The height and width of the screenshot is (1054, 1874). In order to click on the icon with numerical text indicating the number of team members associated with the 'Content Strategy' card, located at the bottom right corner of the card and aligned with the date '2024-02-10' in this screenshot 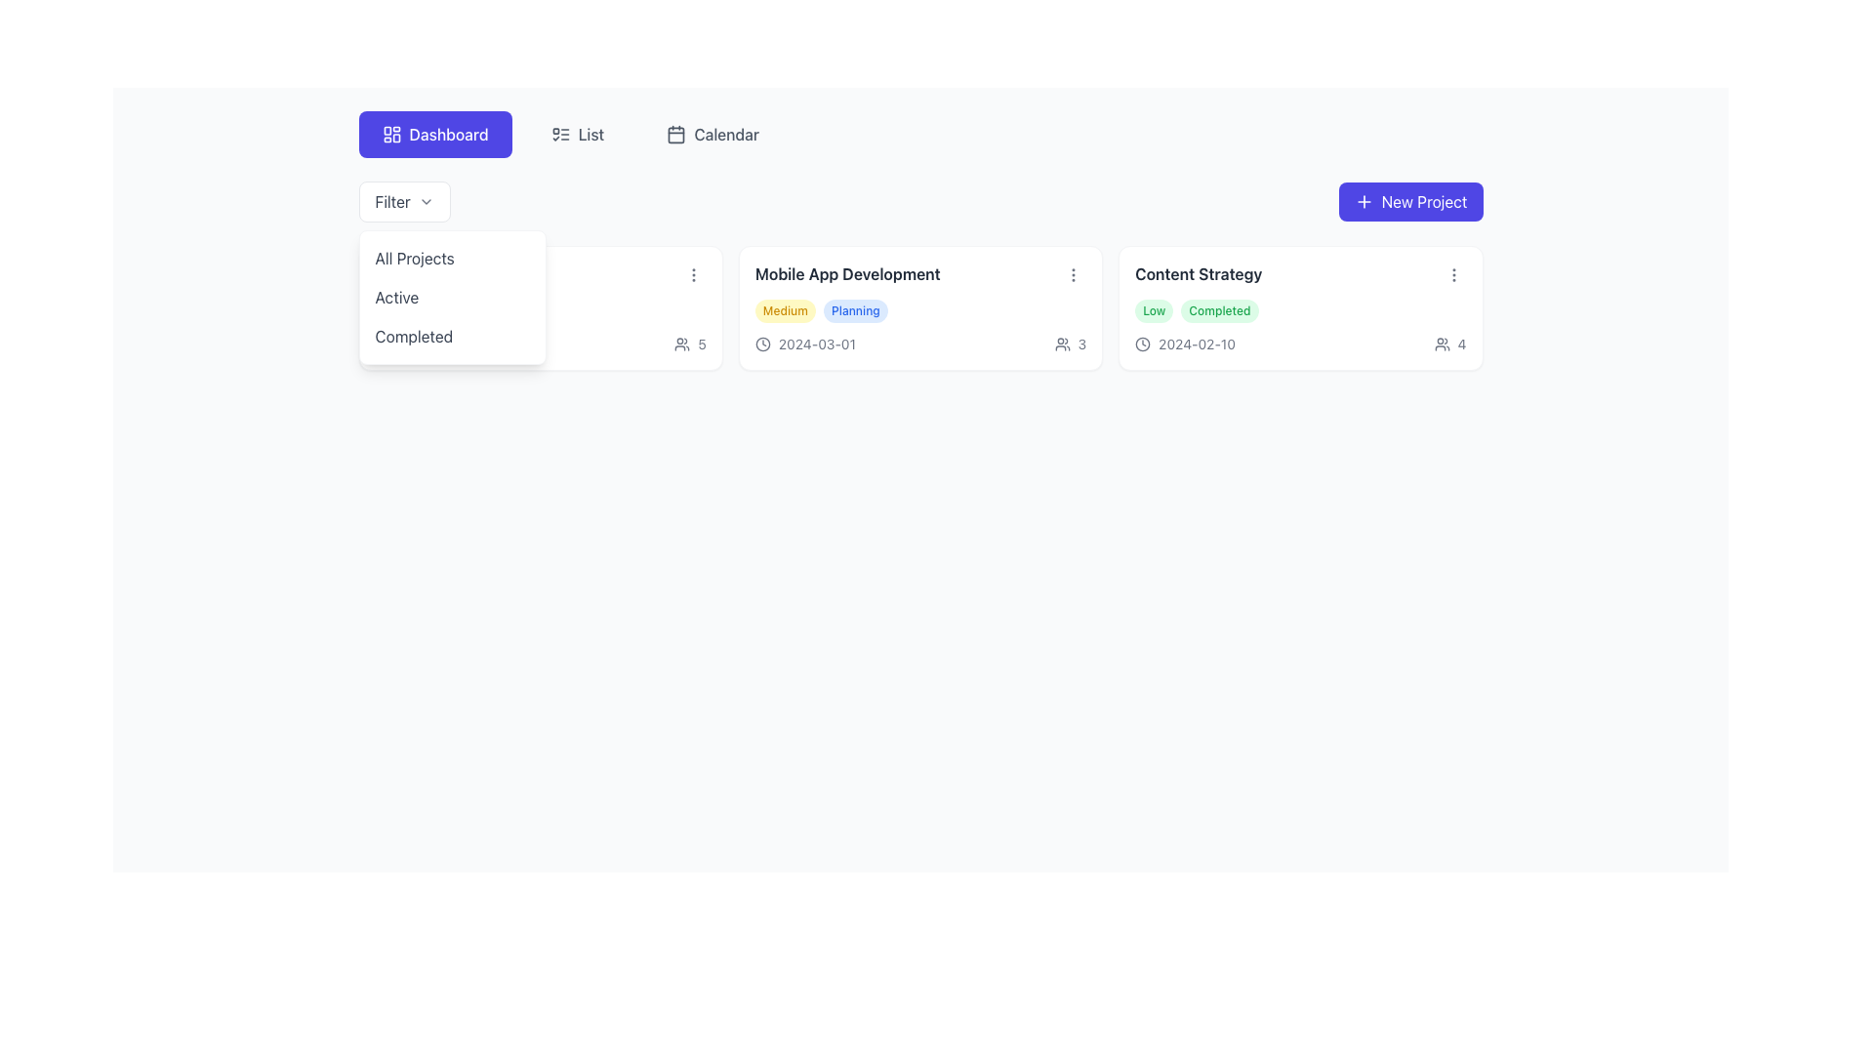, I will do `click(1450, 344)`.